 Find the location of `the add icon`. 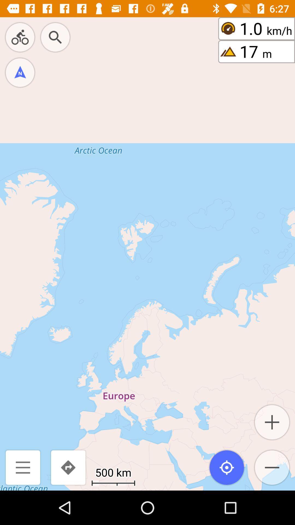

the add icon is located at coordinates (272, 422).